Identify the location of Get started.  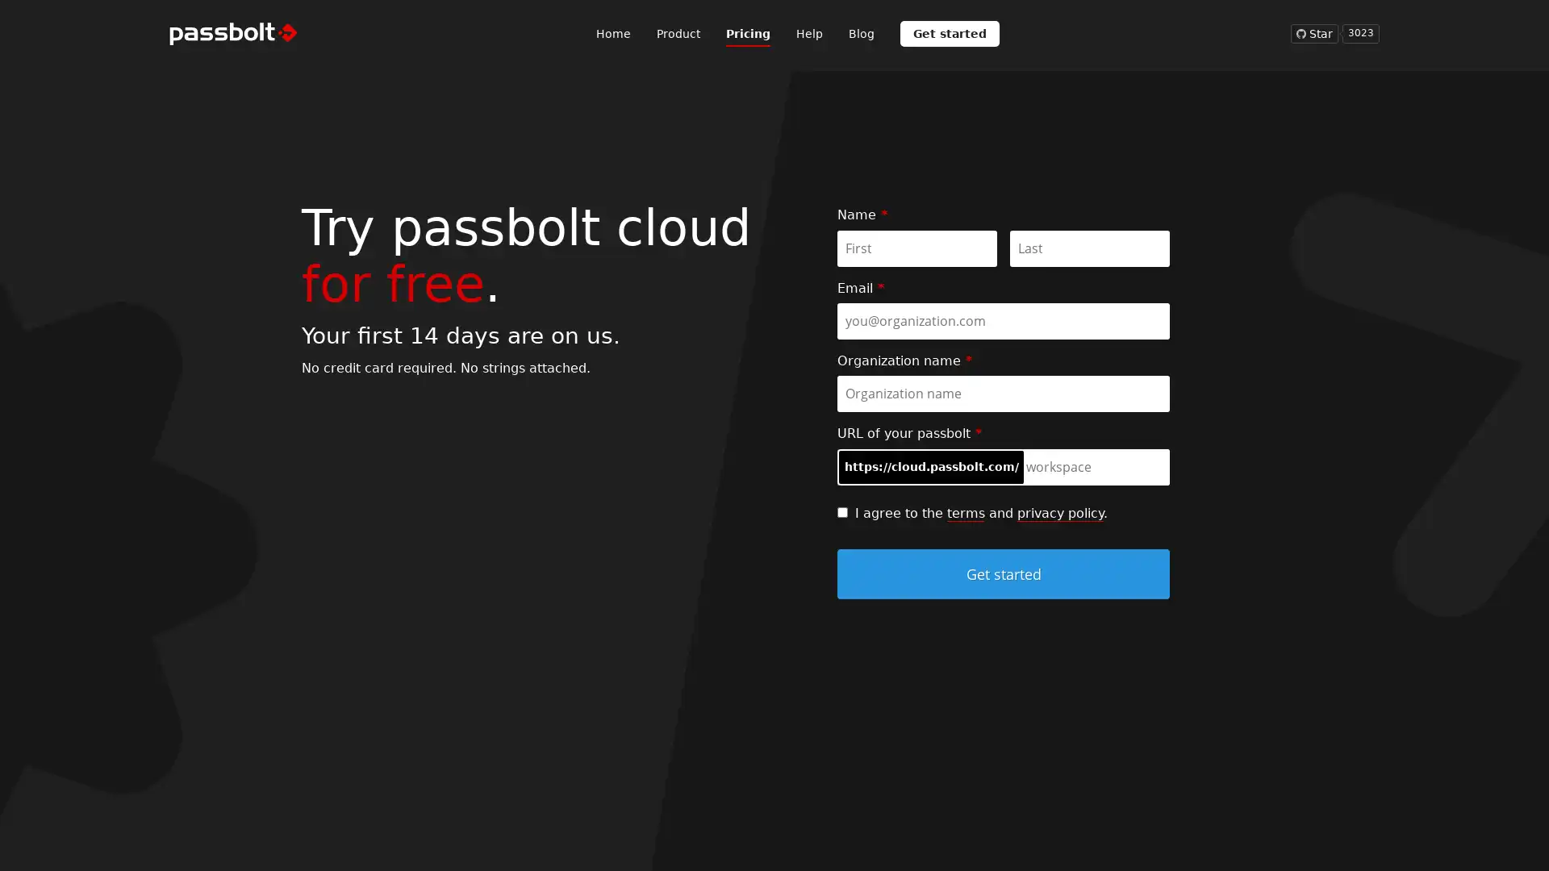
(950, 33).